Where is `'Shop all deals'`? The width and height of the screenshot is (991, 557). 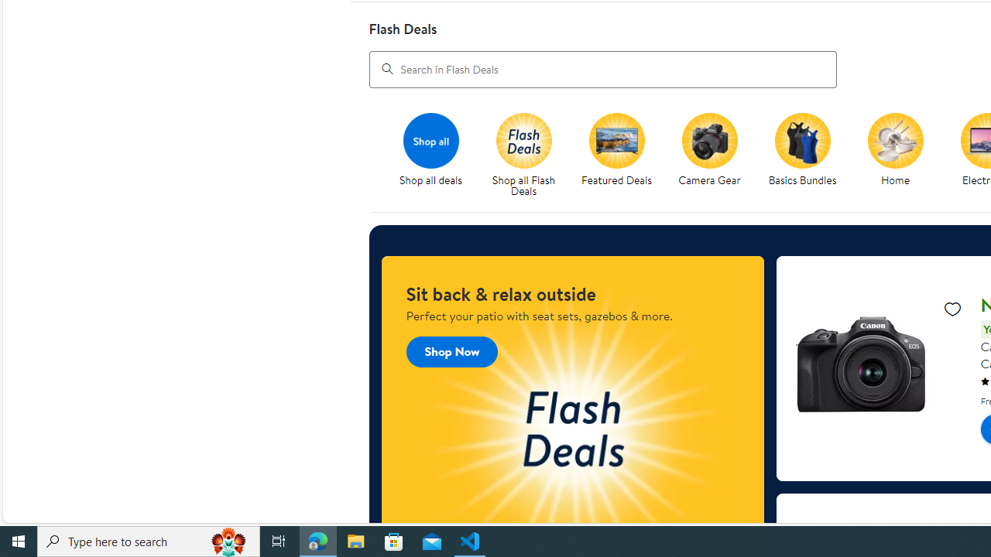 'Shop all deals' is located at coordinates (436, 155).